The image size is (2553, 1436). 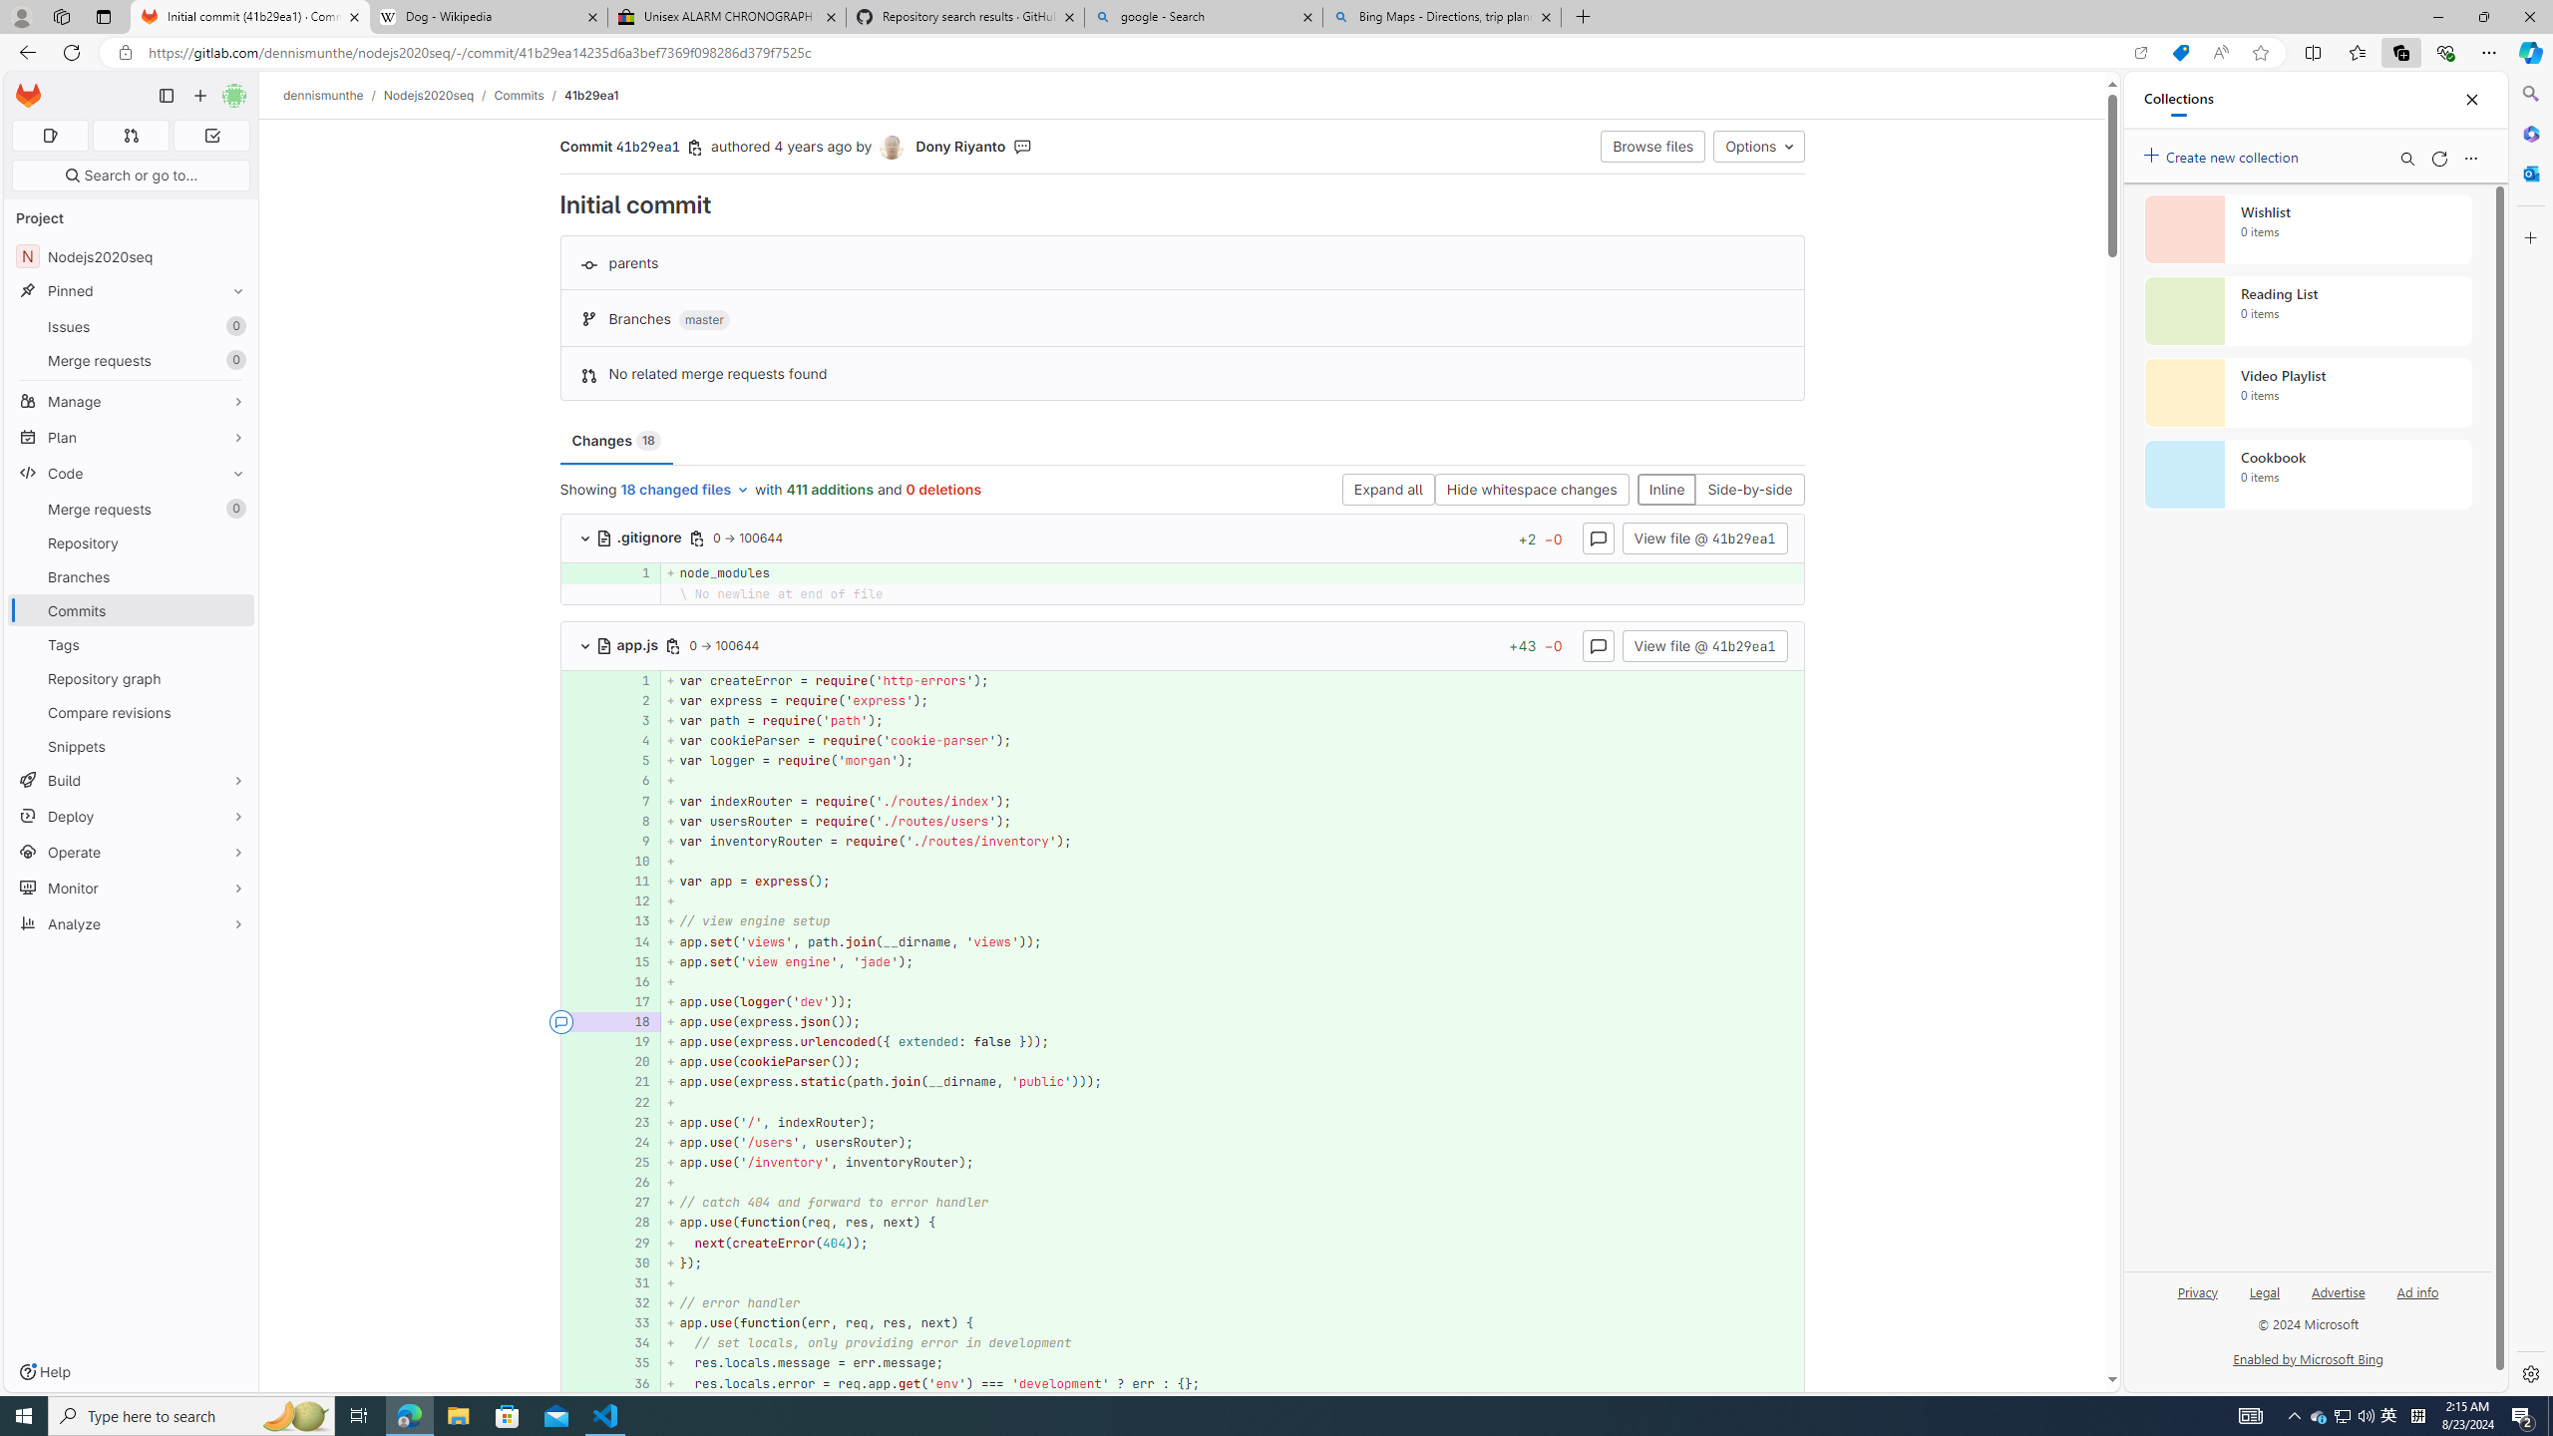 What do you see at coordinates (2198, 1290) in the screenshot?
I see `'Privacy'` at bounding box center [2198, 1290].